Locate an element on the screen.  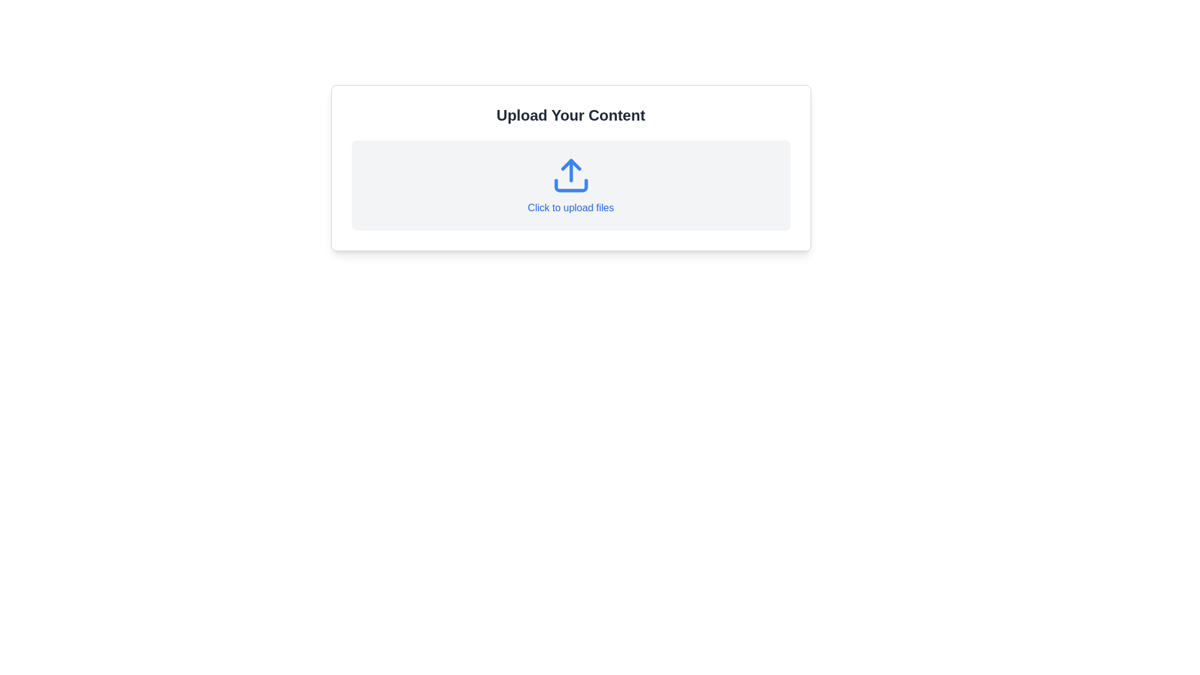
the interactive area for initiating file uploads, which features a blue upward-pointing arrow icon and the text 'Click to upload files' beneath it is located at coordinates (570, 186).